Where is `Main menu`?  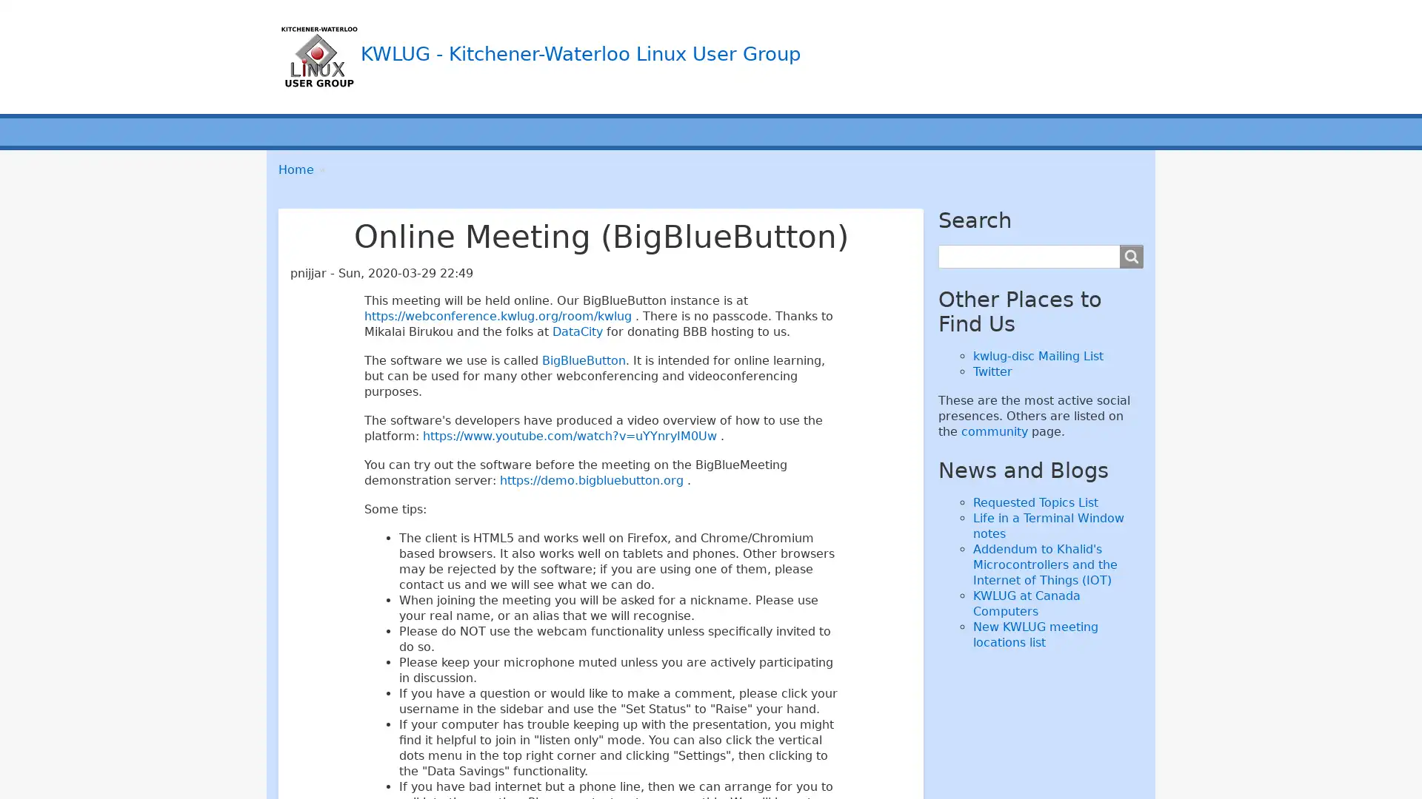 Main menu is located at coordinates (288, 129).